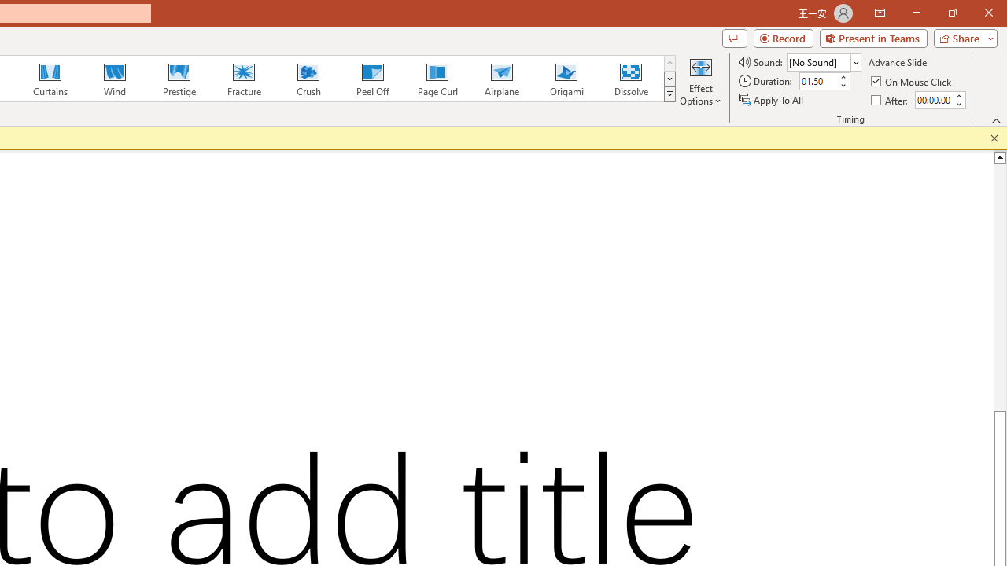 Image resolution: width=1007 pixels, height=566 pixels. I want to click on 'Origami', so click(566, 79).